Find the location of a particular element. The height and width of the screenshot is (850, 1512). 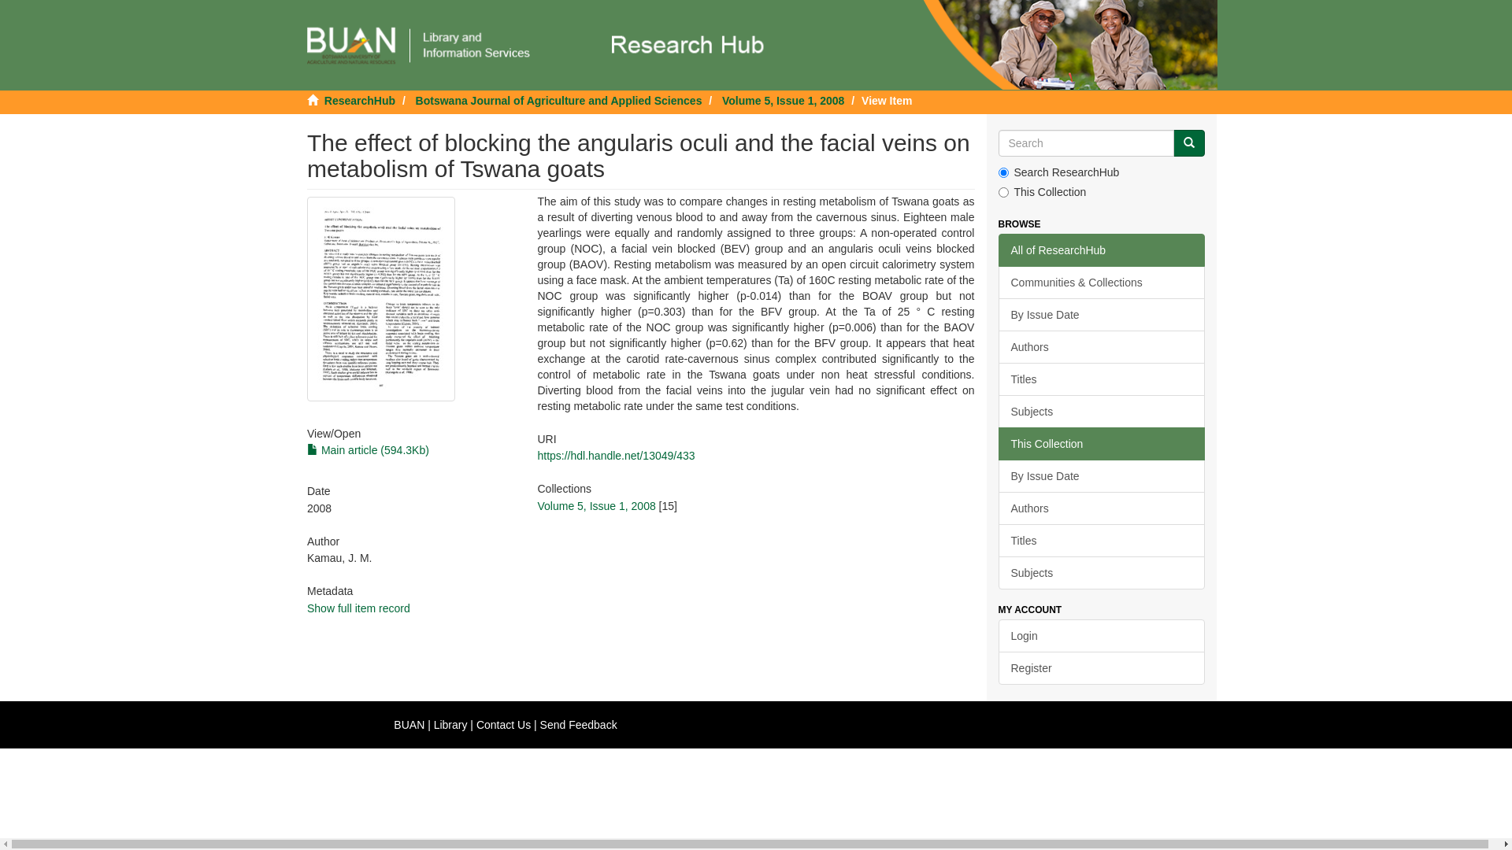

'BUAN' is located at coordinates (409, 725).